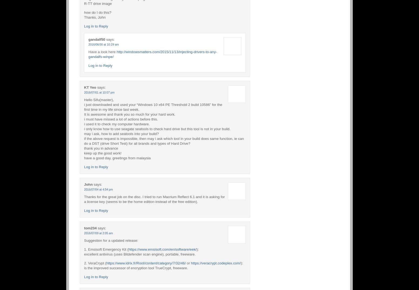 The image size is (419, 290). Describe the element at coordinates (162, 249) in the screenshot. I see `'https://www.emsisoft.com/en/software/eek/'` at that location.